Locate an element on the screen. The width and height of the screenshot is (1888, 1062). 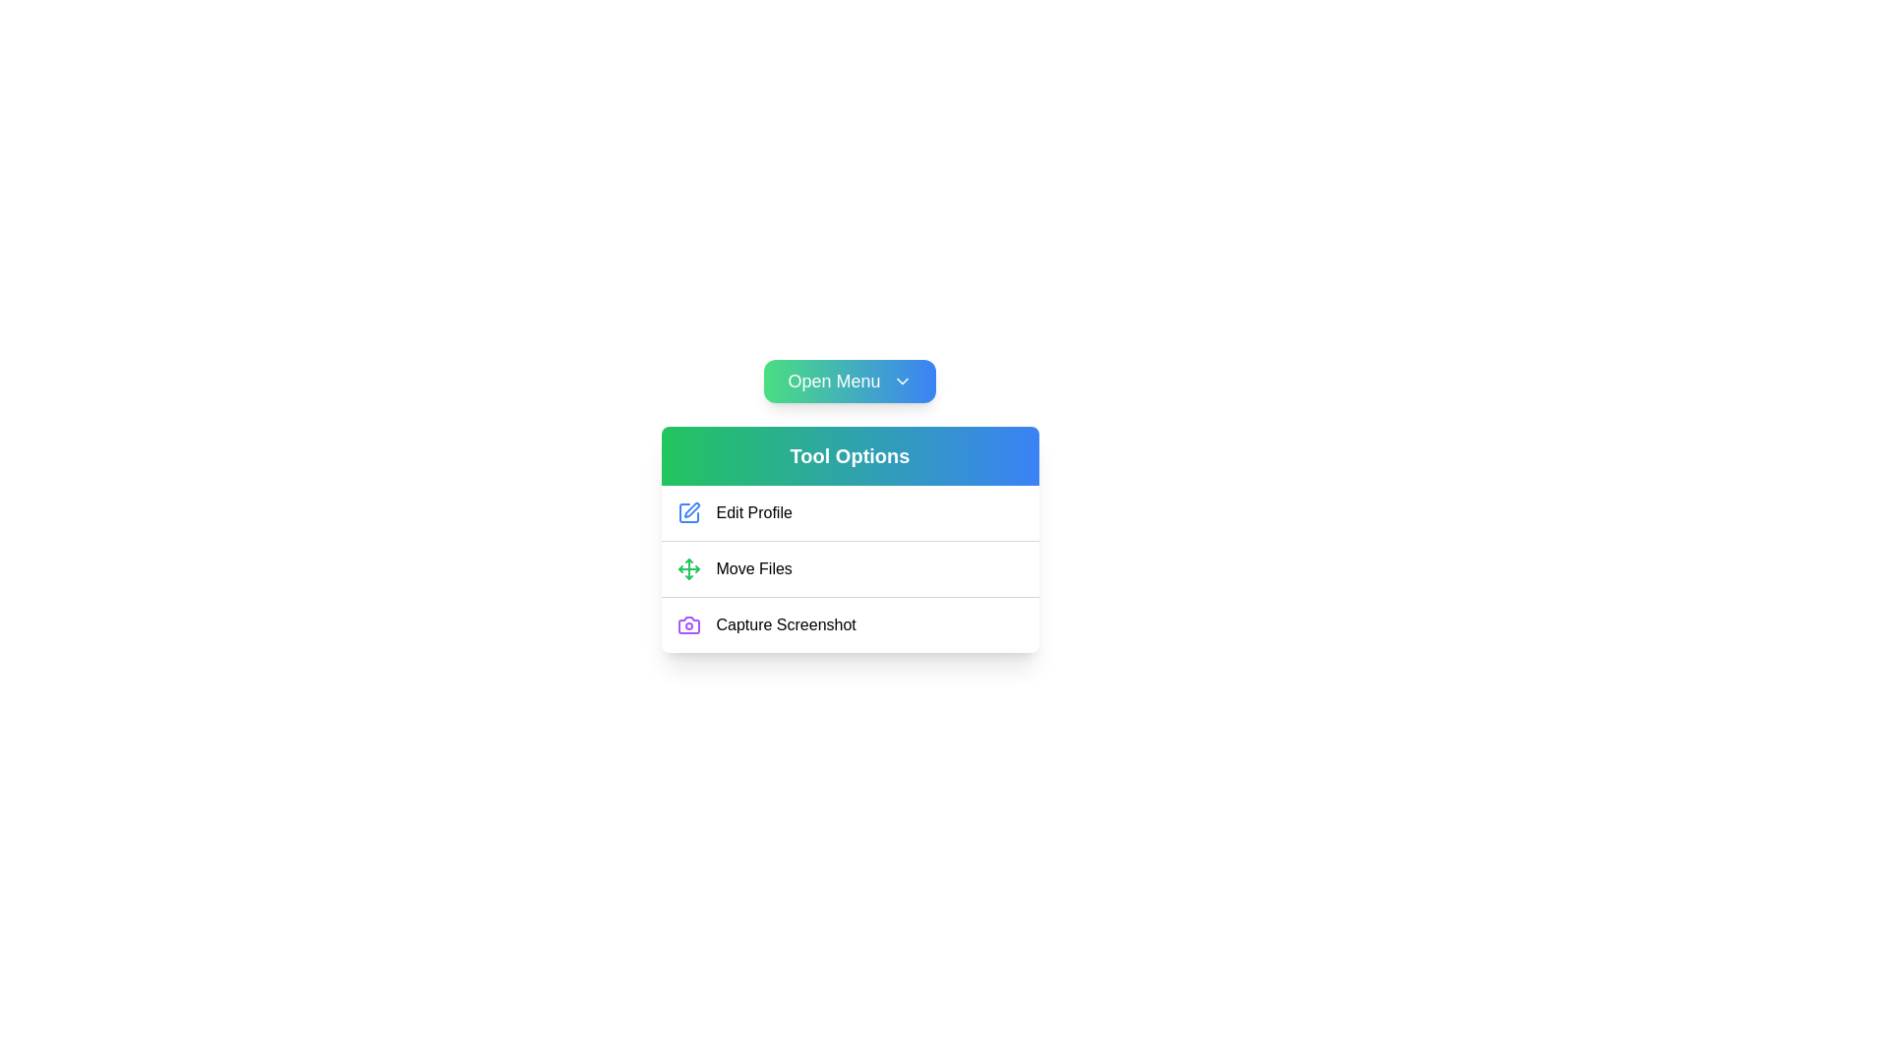
the screenshot capture icon located to the extreme left of the 'Capture Screenshot' option within the dropdown under 'Tool Options' for accessibility navigation is located at coordinates (688, 625).